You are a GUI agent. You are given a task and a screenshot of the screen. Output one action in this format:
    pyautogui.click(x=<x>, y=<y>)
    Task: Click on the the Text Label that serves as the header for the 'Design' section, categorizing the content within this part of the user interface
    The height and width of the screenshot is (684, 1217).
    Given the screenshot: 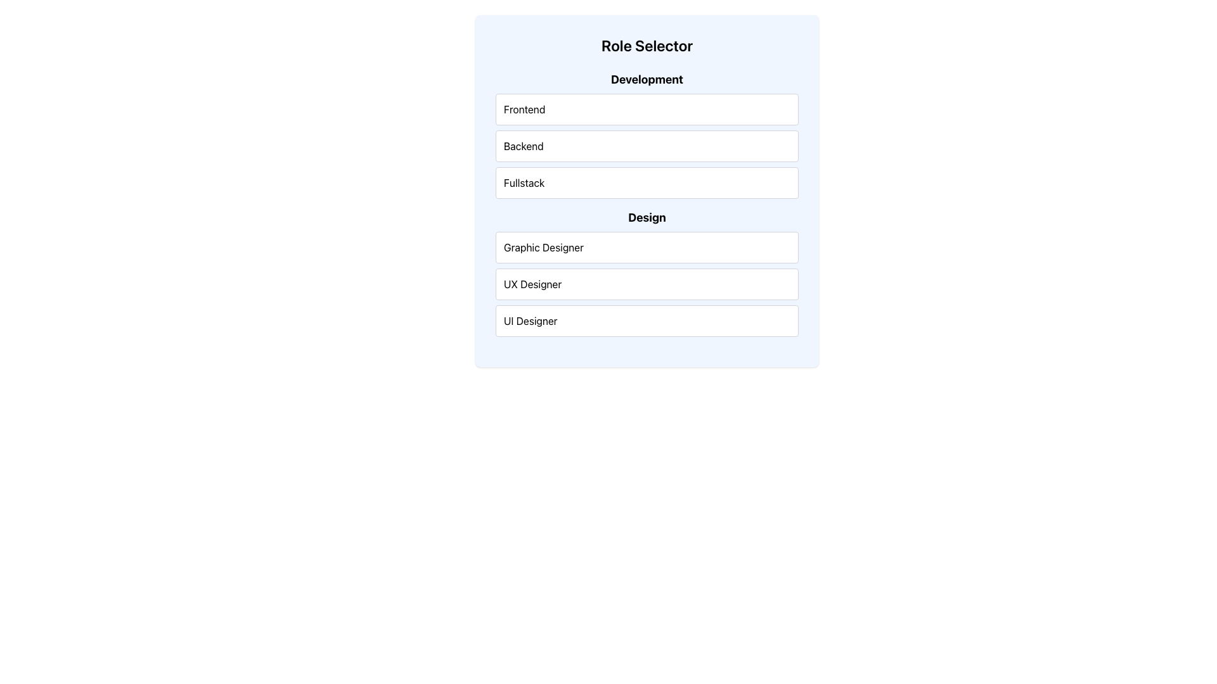 What is the action you would take?
    pyautogui.click(x=647, y=217)
    